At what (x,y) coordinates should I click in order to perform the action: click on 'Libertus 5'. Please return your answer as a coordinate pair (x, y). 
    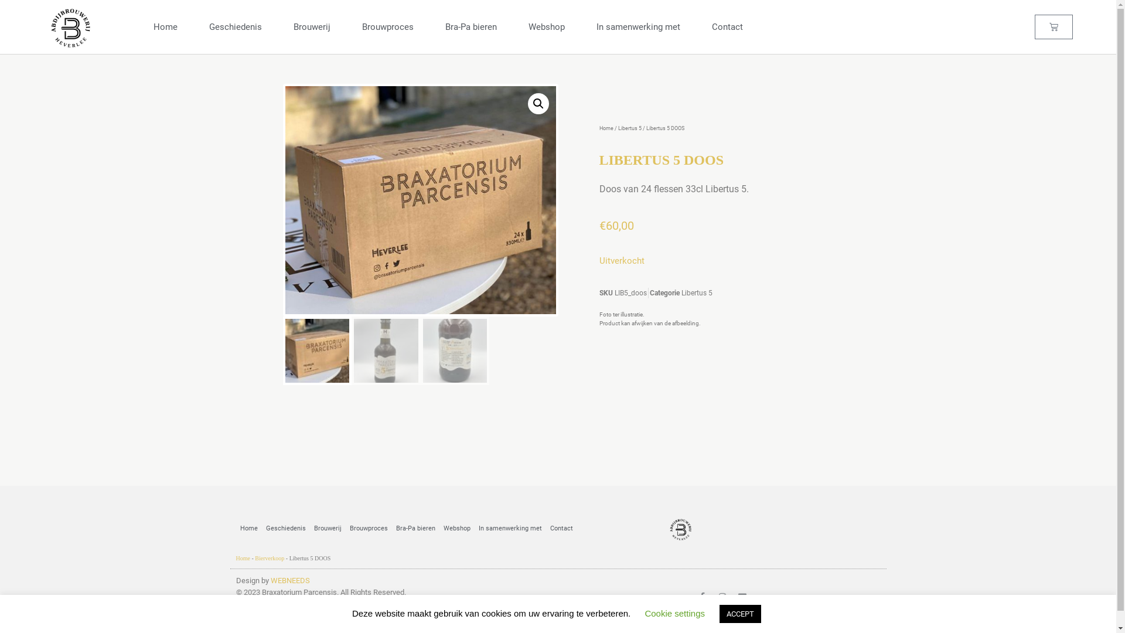
    Looking at the image, I should click on (629, 128).